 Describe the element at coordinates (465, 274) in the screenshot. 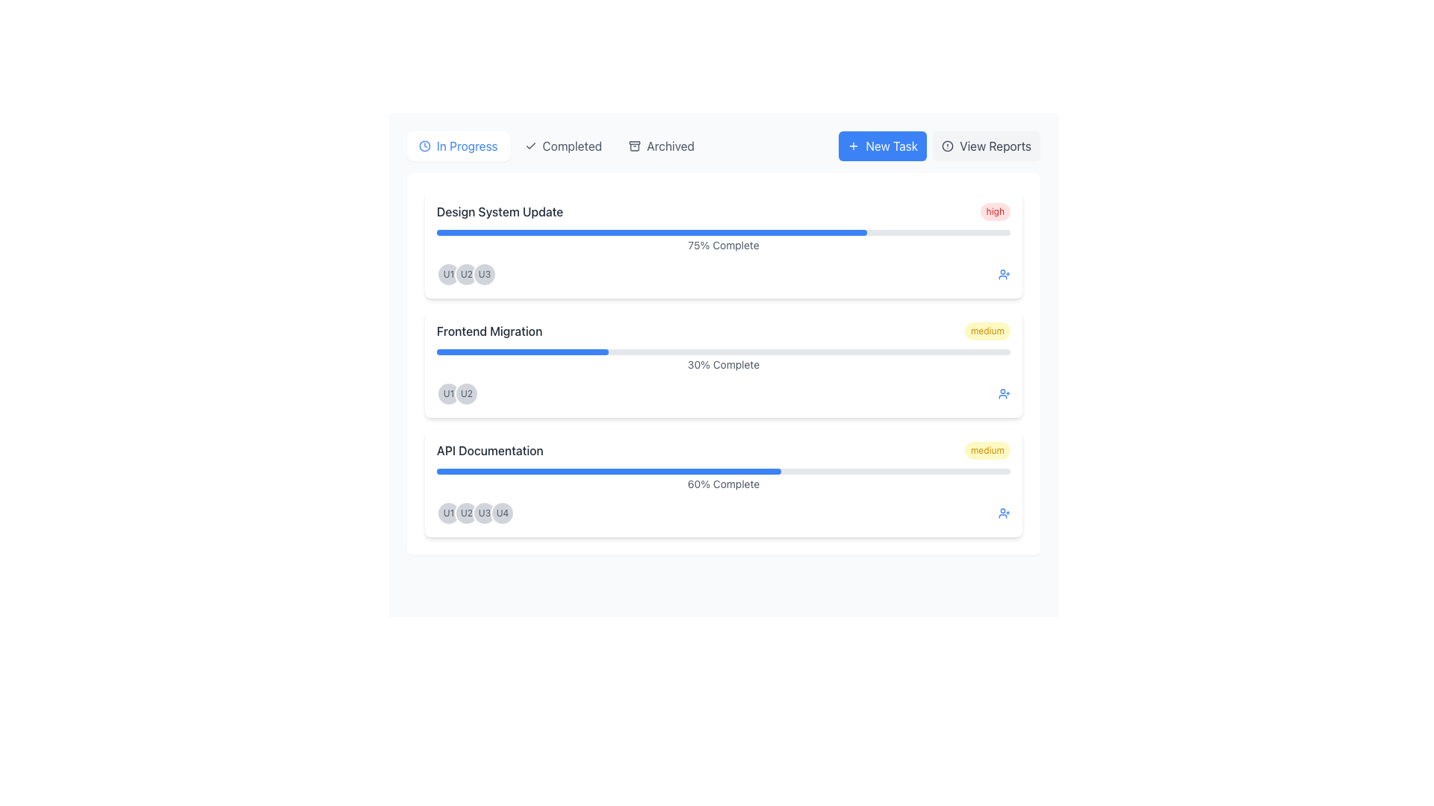

I see `the individual avatars in the Avatar cluster under the 'Design System Update' section` at that location.